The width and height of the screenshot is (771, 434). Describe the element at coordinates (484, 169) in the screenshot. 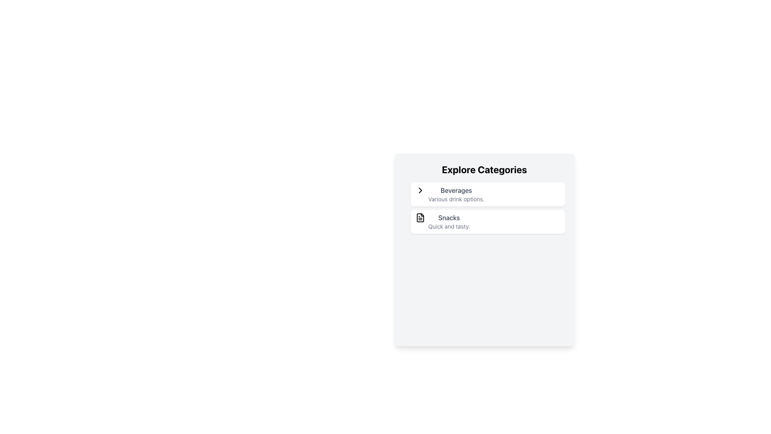

I see `the heading text at the top center of the card that indicates the purpose of exploring available categories` at that location.